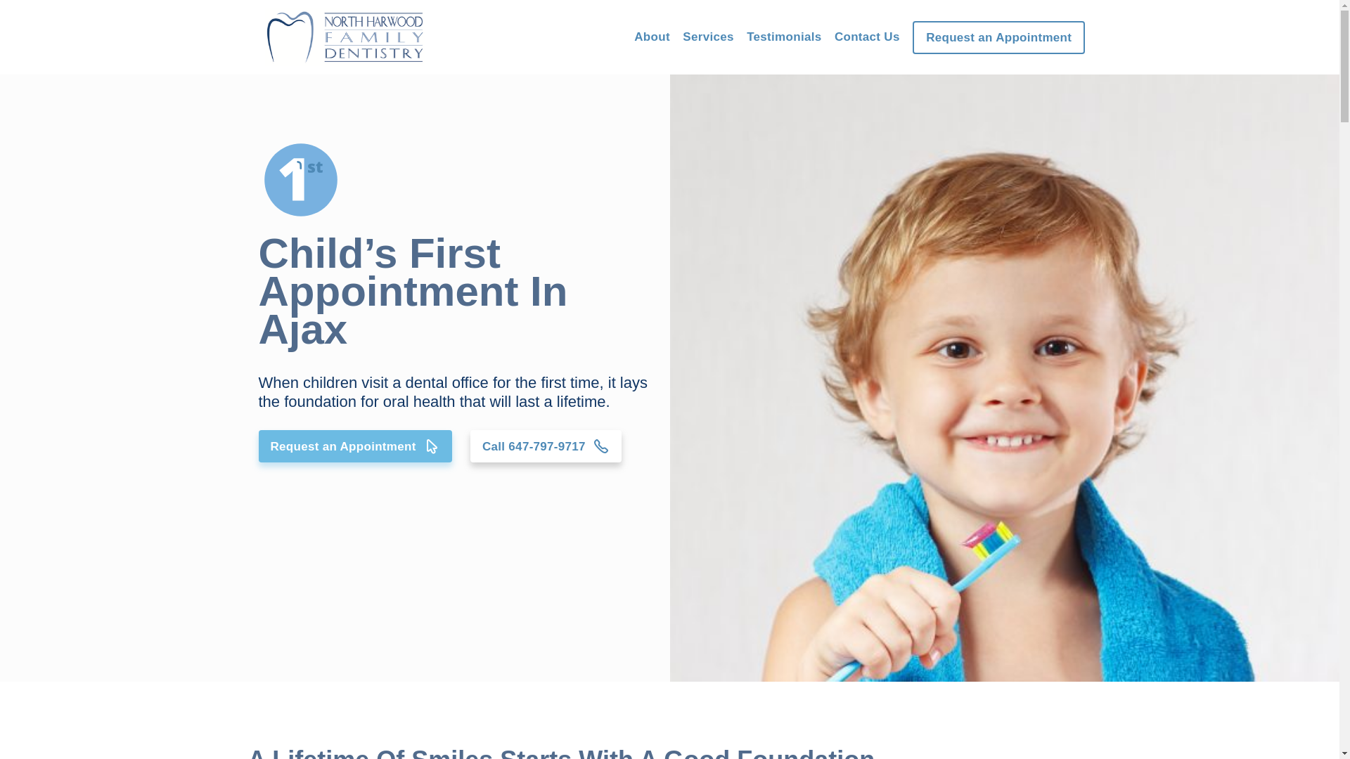  What do you see at coordinates (866, 36) in the screenshot?
I see `'Contact Us'` at bounding box center [866, 36].